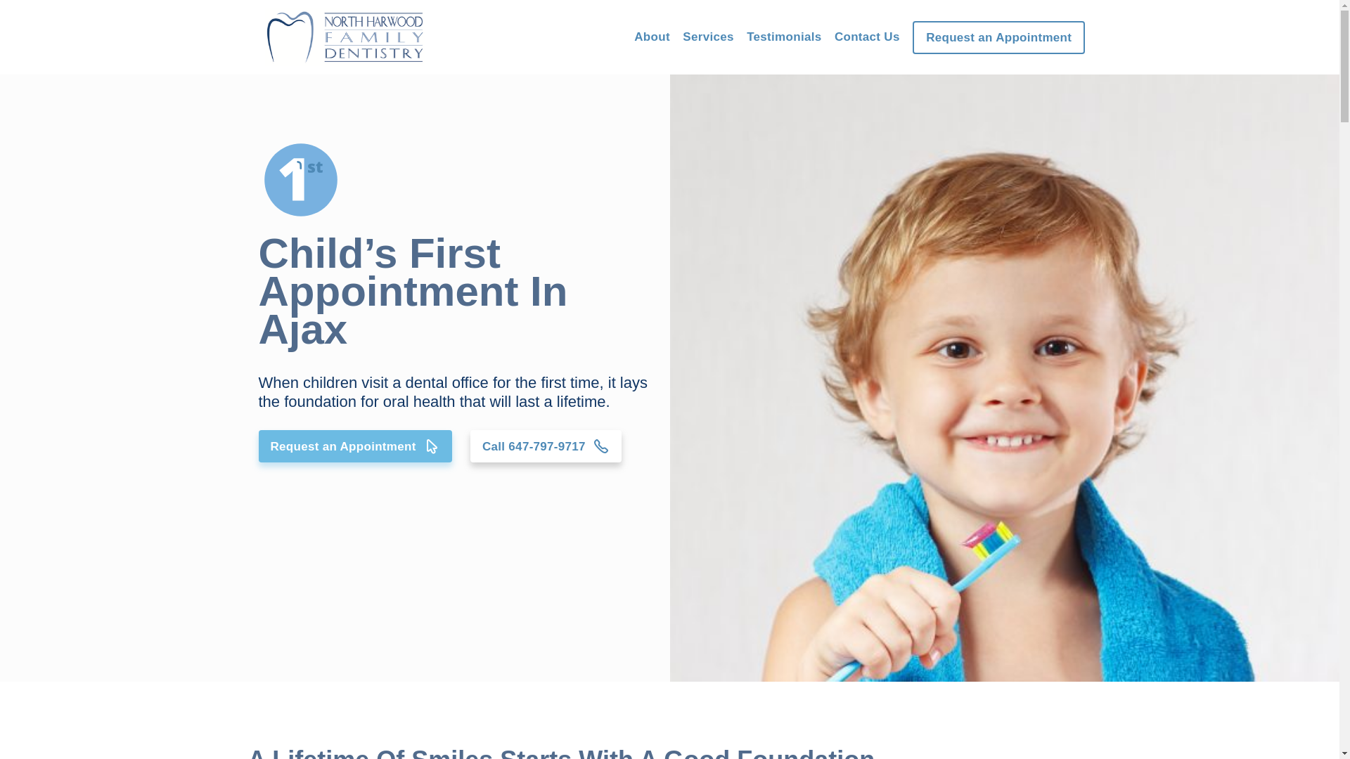  What do you see at coordinates (866, 36) in the screenshot?
I see `'Contact Us'` at bounding box center [866, 36].